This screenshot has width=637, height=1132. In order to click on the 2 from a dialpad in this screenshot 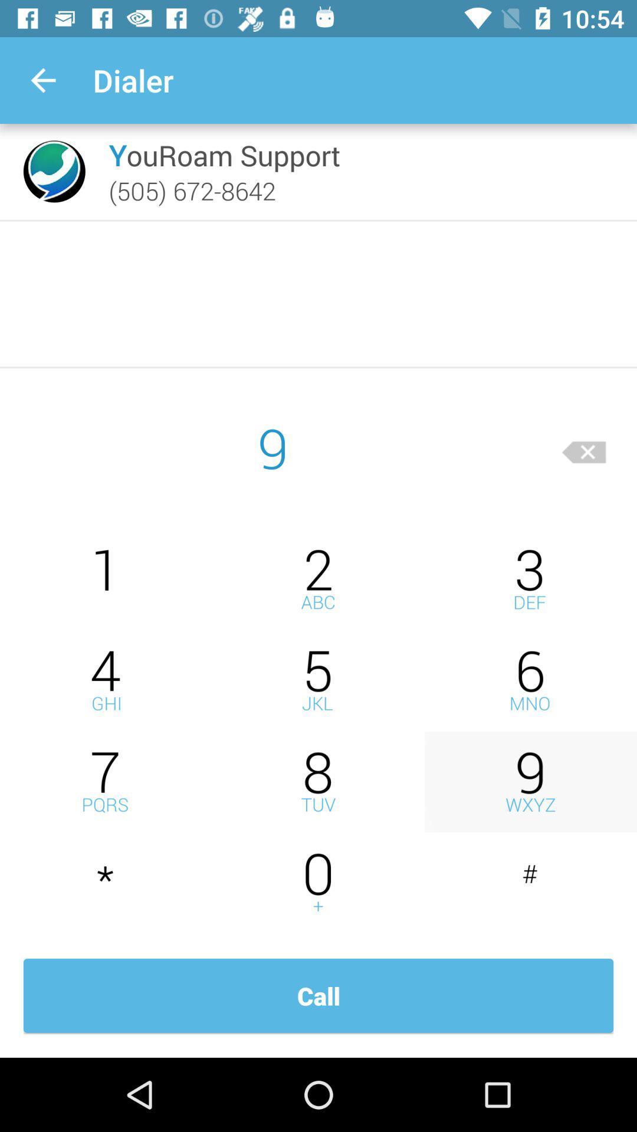, I will do `click(318, 579)`.